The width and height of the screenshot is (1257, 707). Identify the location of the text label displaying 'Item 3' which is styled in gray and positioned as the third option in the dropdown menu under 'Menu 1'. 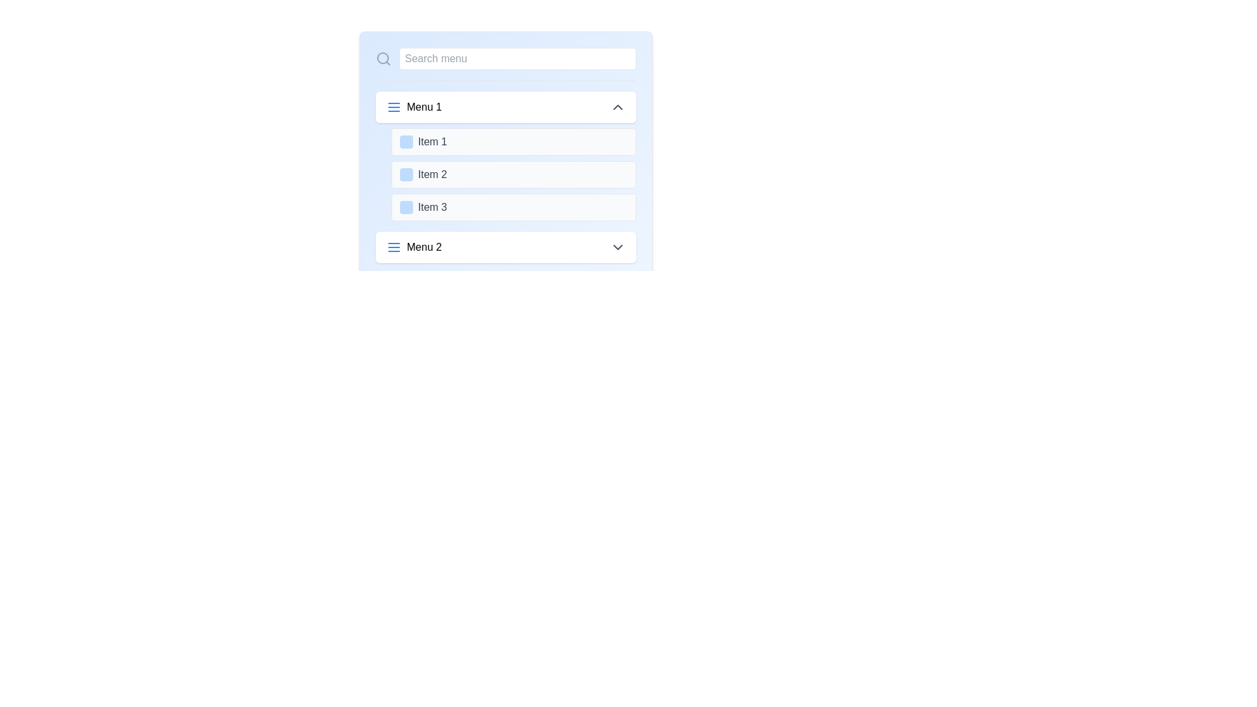
(432, 206).